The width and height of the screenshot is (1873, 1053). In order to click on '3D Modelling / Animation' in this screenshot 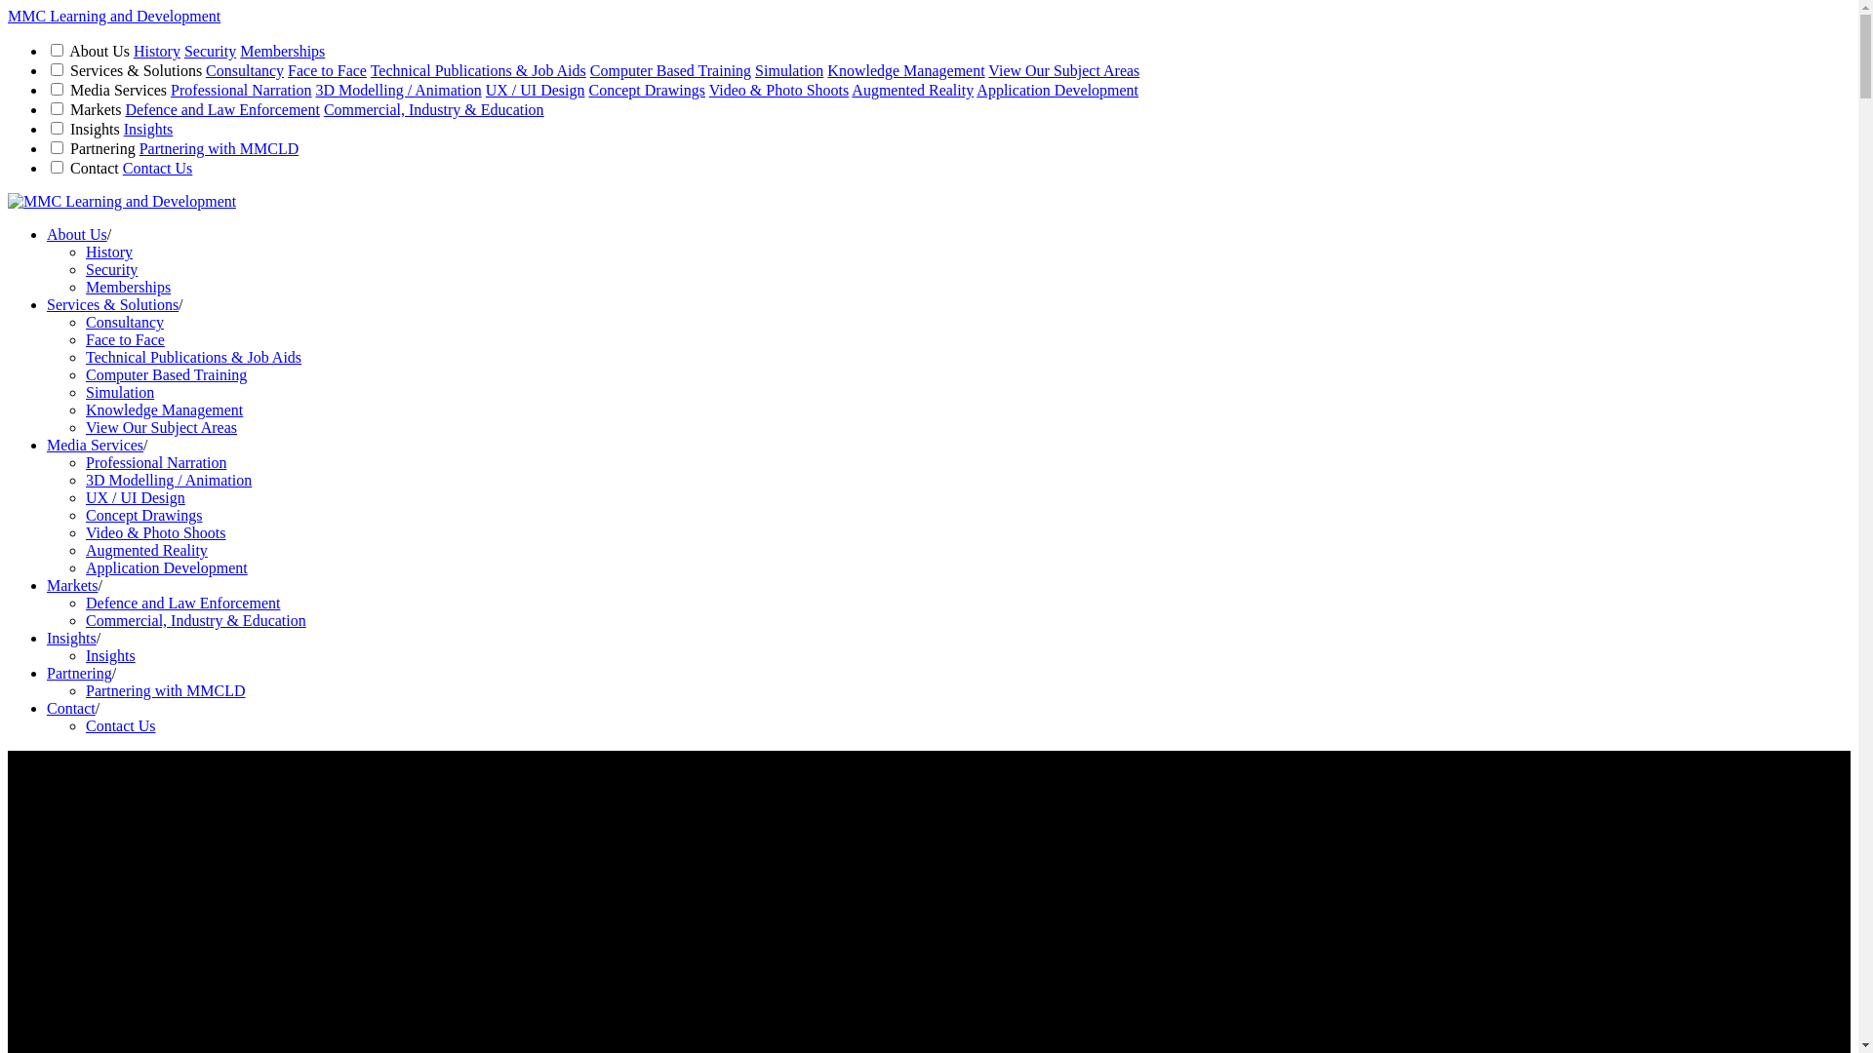, I will do `click(397, 90)`.